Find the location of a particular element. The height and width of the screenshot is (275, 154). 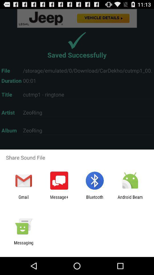

app to the right of the message+ icon is located at coordinates (95, 199).